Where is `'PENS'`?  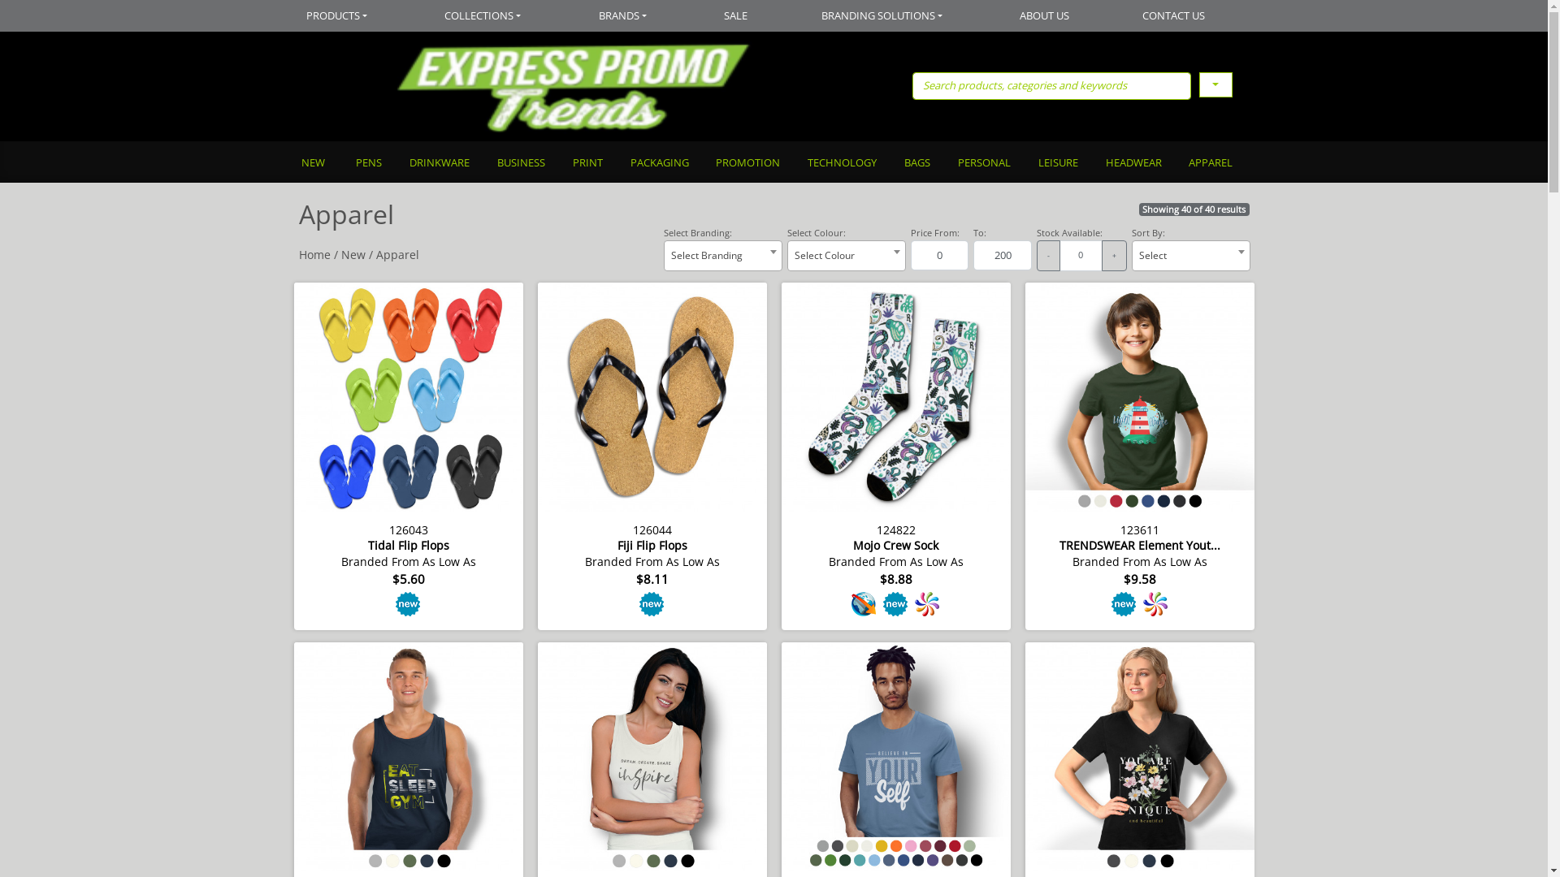 'PENS' is located at coordinates (341, 163).